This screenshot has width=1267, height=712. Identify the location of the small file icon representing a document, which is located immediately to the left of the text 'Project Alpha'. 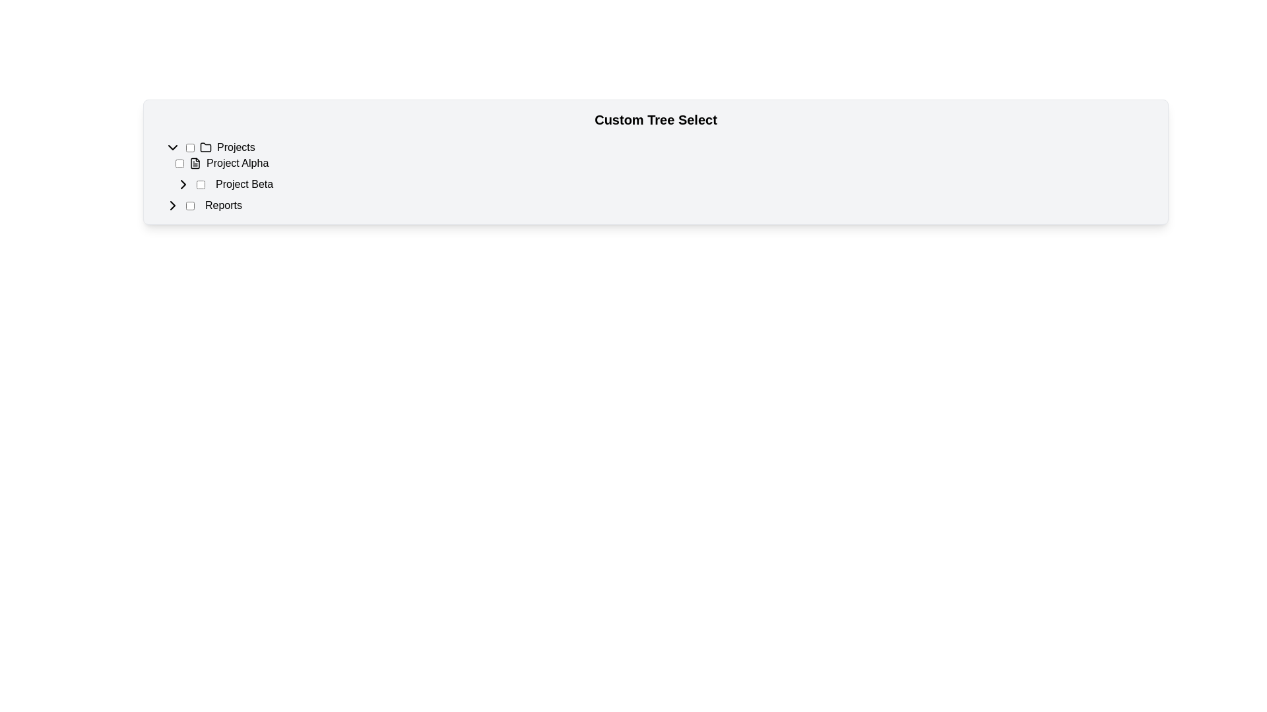
(195, 162).